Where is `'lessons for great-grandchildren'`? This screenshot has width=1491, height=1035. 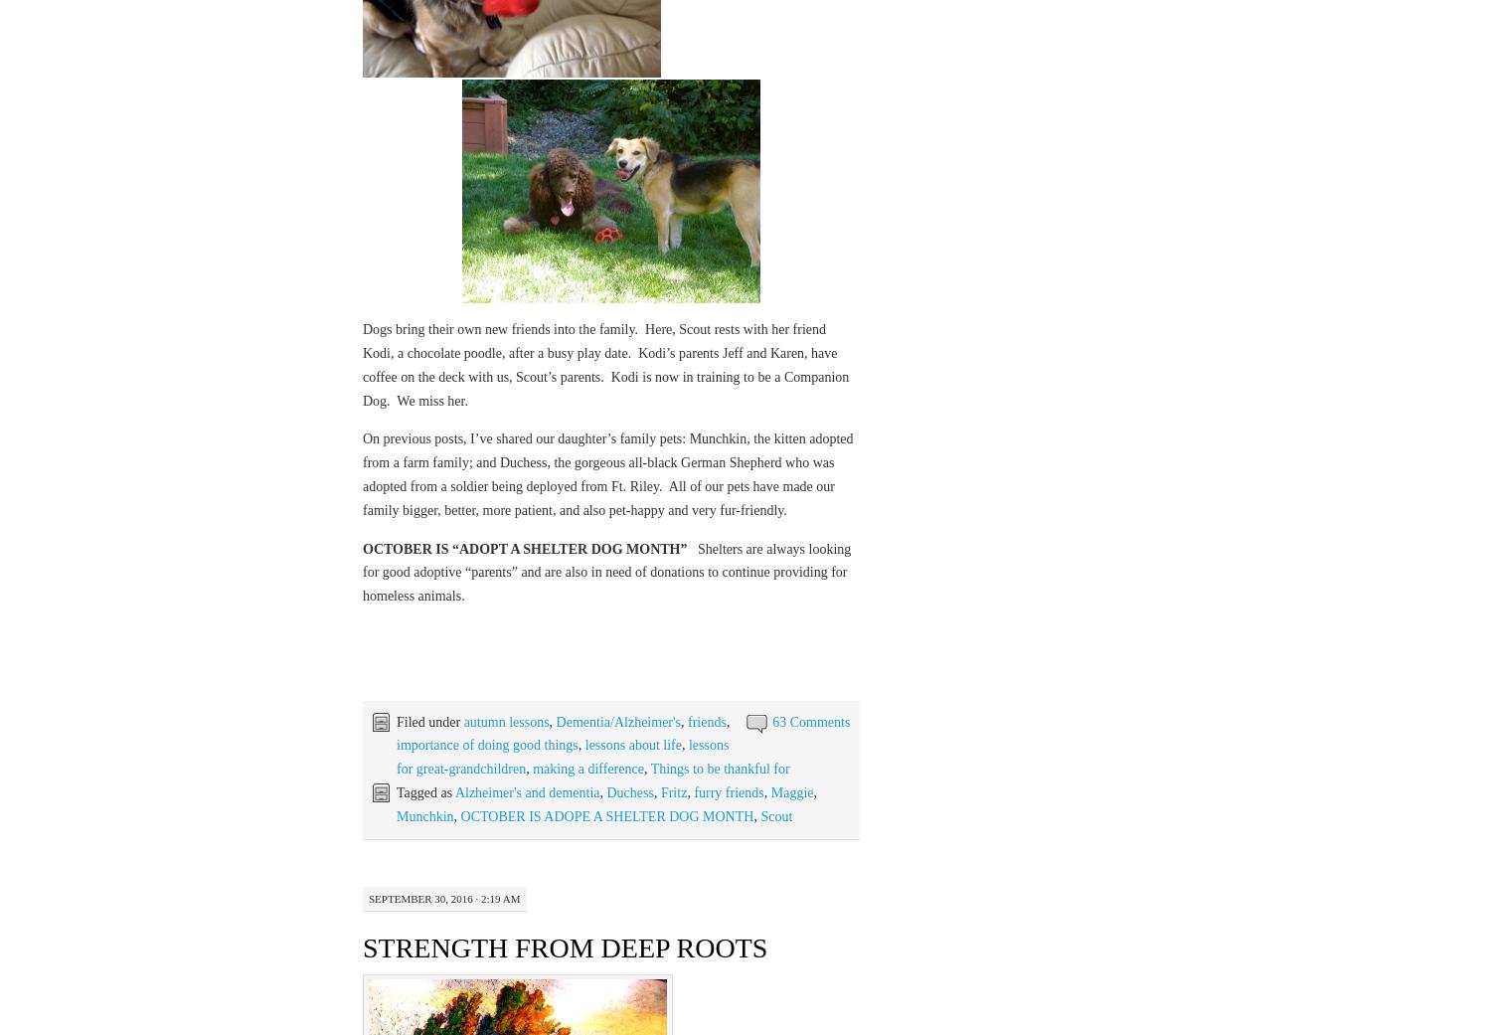
'lessons for great-grandchildren' is located at coordinates (561, 757).